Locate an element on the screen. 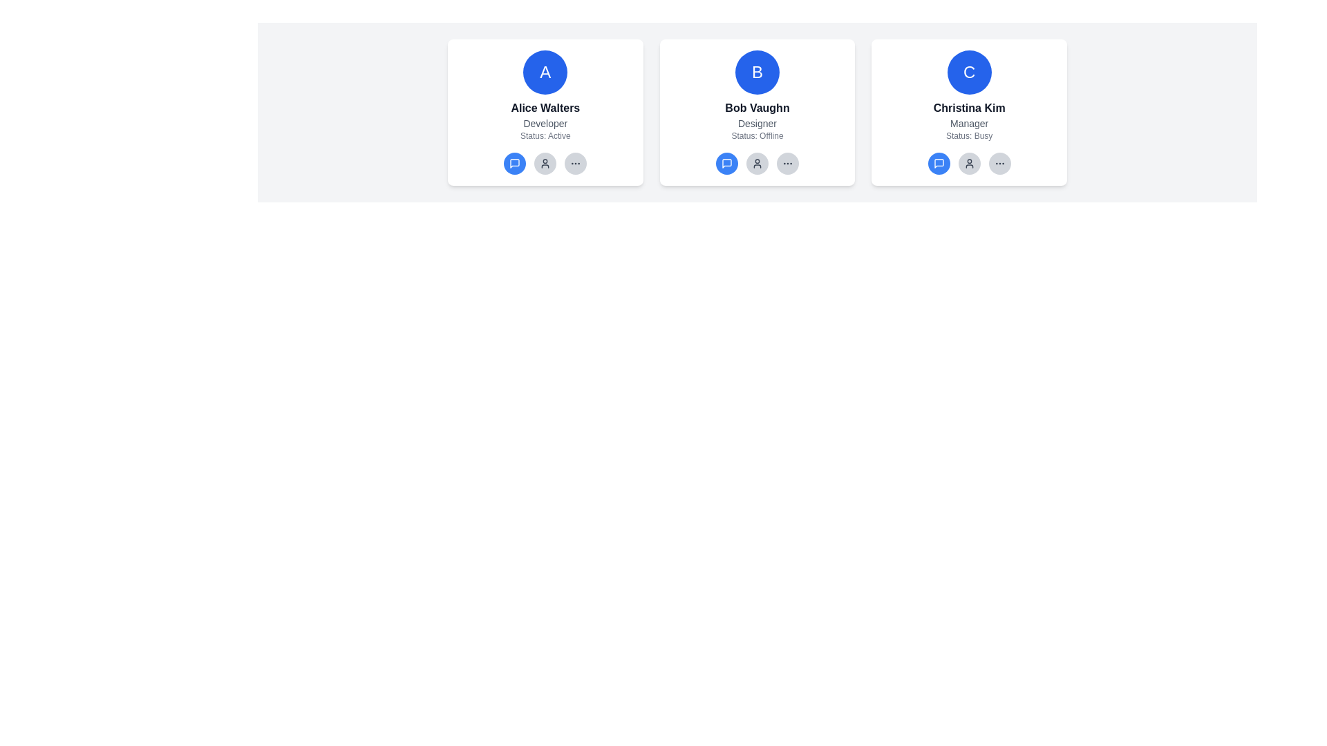  the round button with a gray background and user icon, located below 'Bob Vaughn Designer Status: Offline' in the central card of a three-card layout is located at coordinates (756, 162).